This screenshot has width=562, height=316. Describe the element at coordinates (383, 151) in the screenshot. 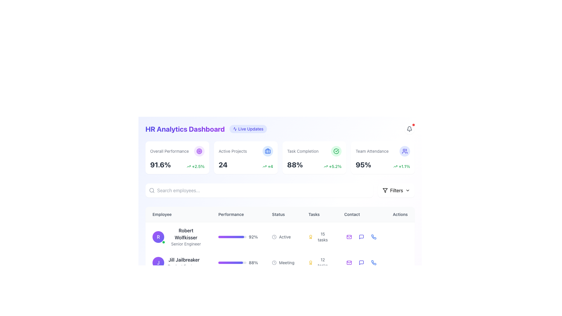

I see `the Text Label displaying 'Team Attendance' which is styled with a small gray font and located in the top-right corner of the dashboard, adjacent to '95%' and '+1.1%' statistics` at that location.